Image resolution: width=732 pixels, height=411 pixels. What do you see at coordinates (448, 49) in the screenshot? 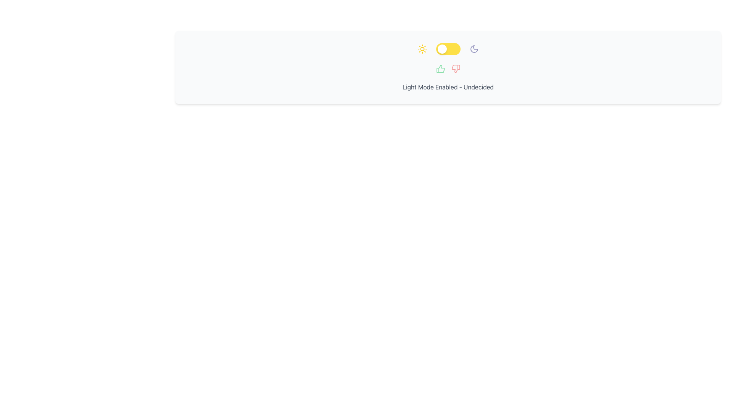
I see `the toggle switch located centrally in the top section of the interface` at bounding box center [448, 49].